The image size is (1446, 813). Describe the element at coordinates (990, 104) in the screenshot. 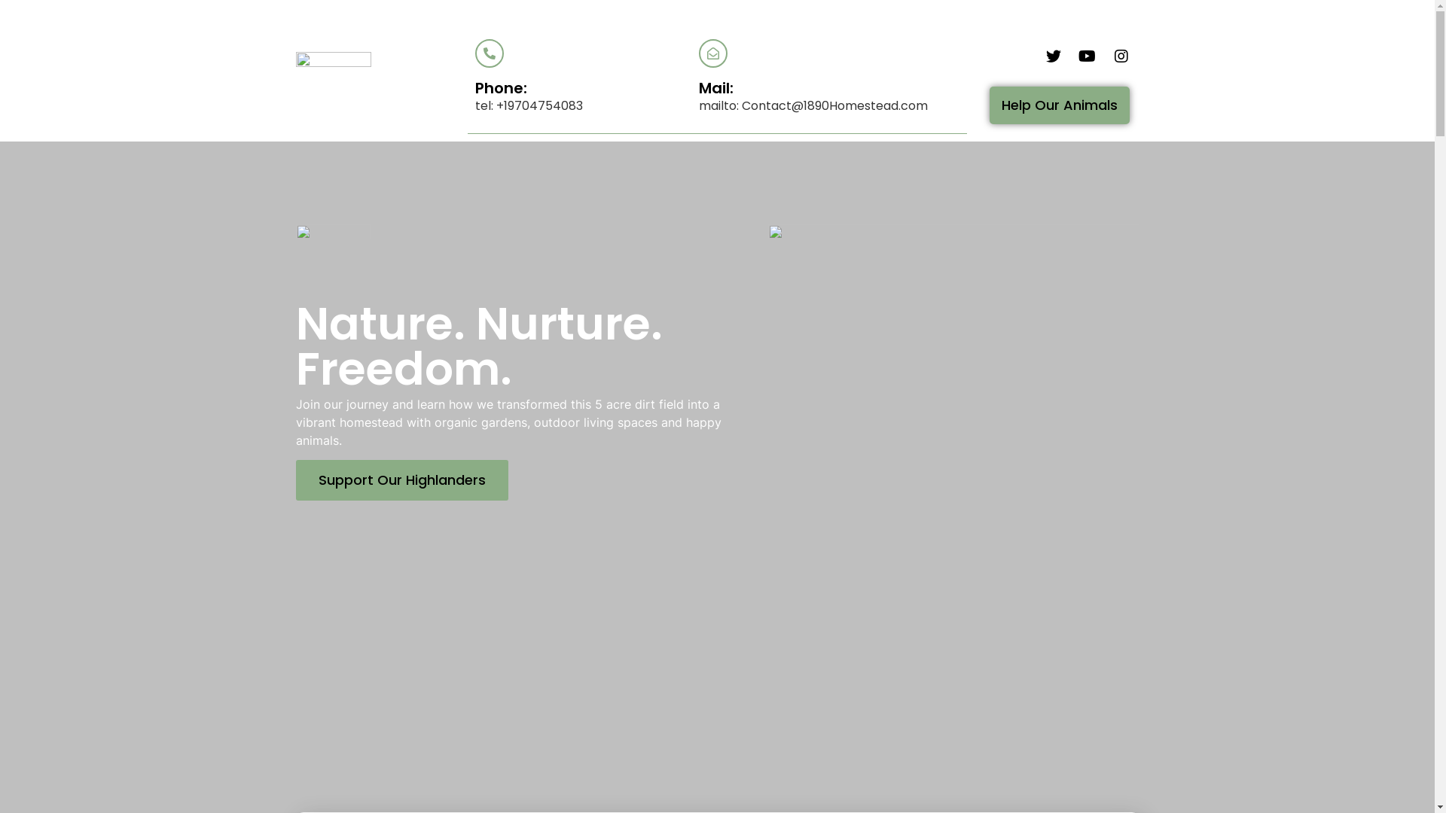

I see `'Help Our Animals'` at that location.